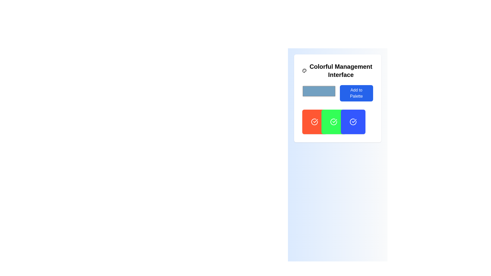 Image resolution: width=491 pixels, height=276 pixels. I want to click on the circular palette icon located to the left of the text 'Colorful Management Interface', so click(304, 71).